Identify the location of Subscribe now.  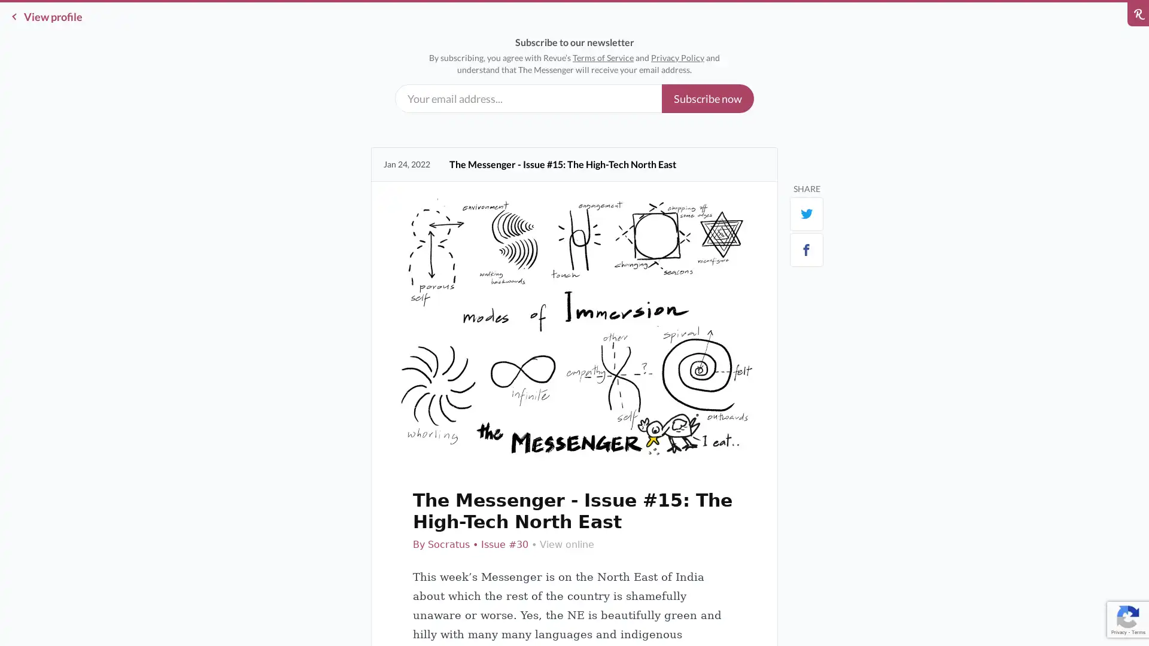
(707, 98).